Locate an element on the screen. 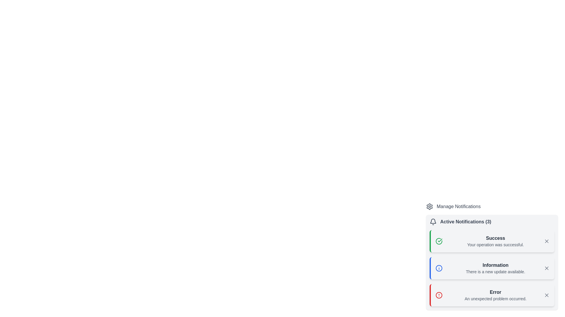 Image resolution: width=565 pixels, height=317 pixels. the text label or clickable link for managing notification settings, located to the right of the gear icon is located at coordinates (458, 206).